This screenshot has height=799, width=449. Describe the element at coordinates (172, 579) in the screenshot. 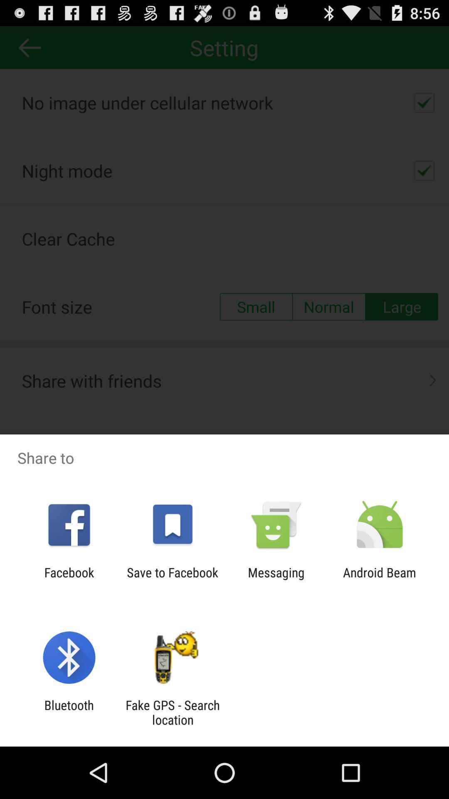

I see `the icon next to messaging app` at that location.